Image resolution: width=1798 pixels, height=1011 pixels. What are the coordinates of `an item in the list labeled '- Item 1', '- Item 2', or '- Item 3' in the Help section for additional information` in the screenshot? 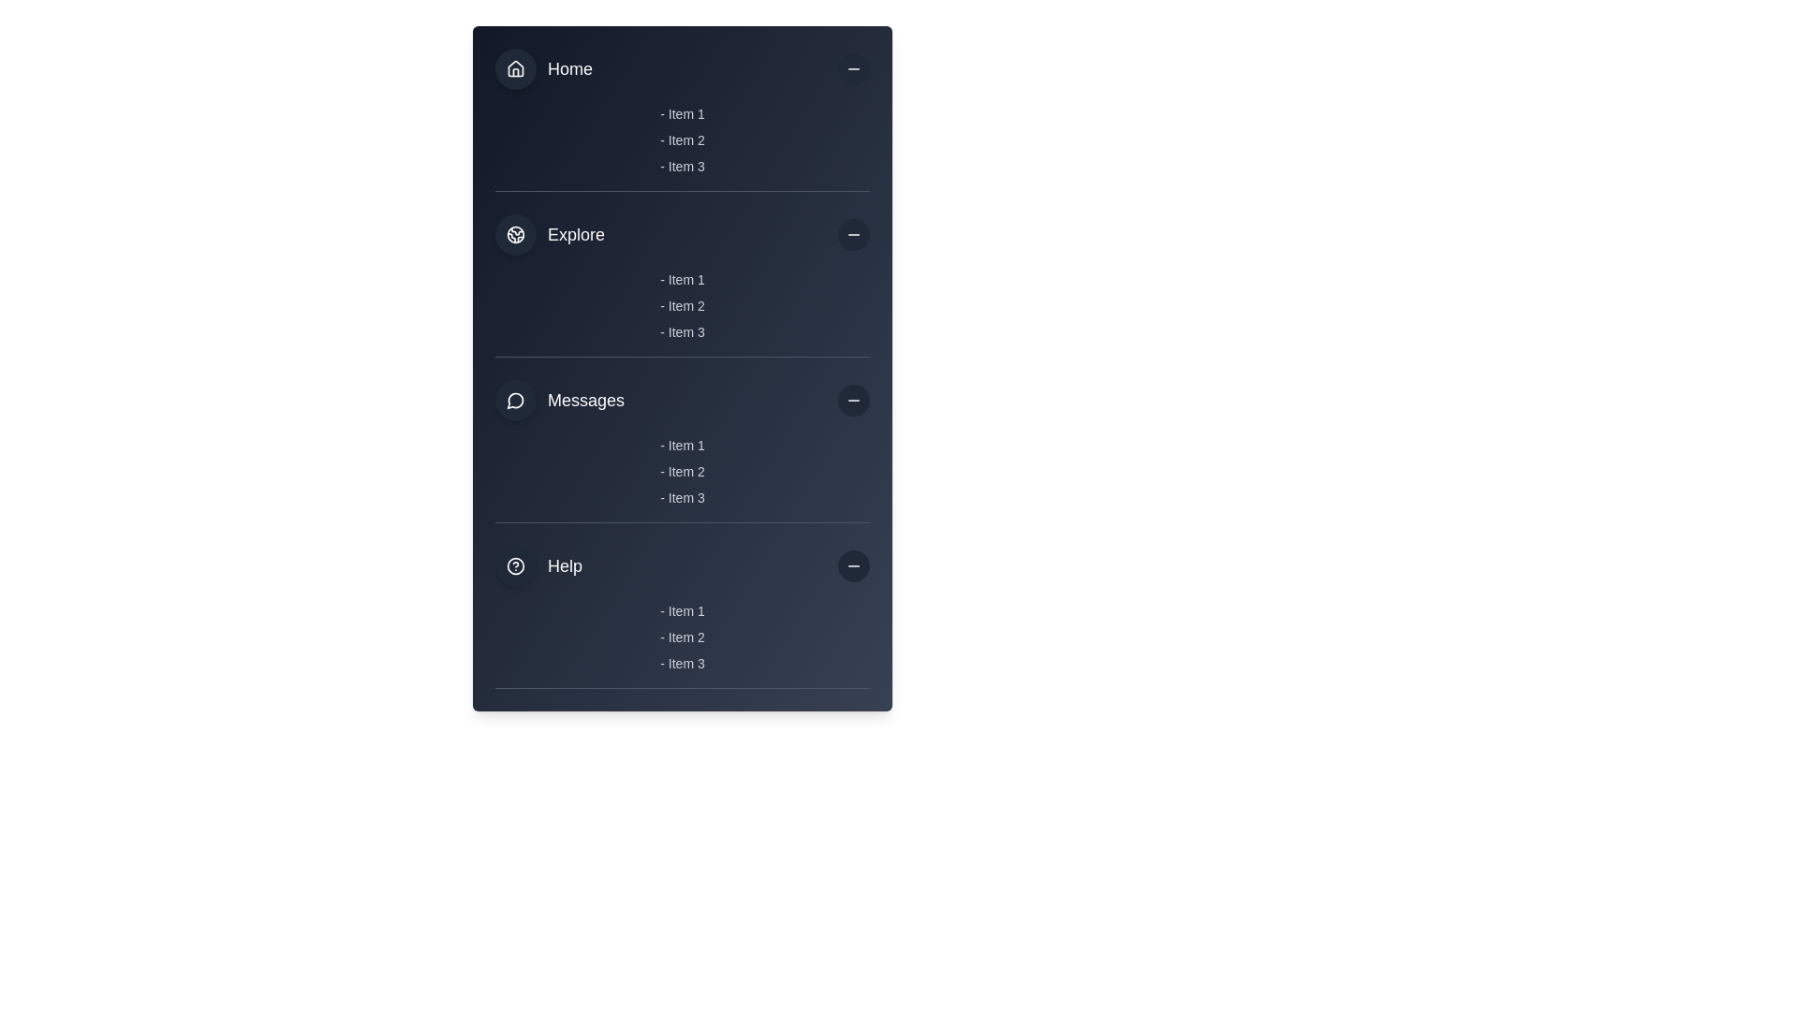 It's located at (682, 637).